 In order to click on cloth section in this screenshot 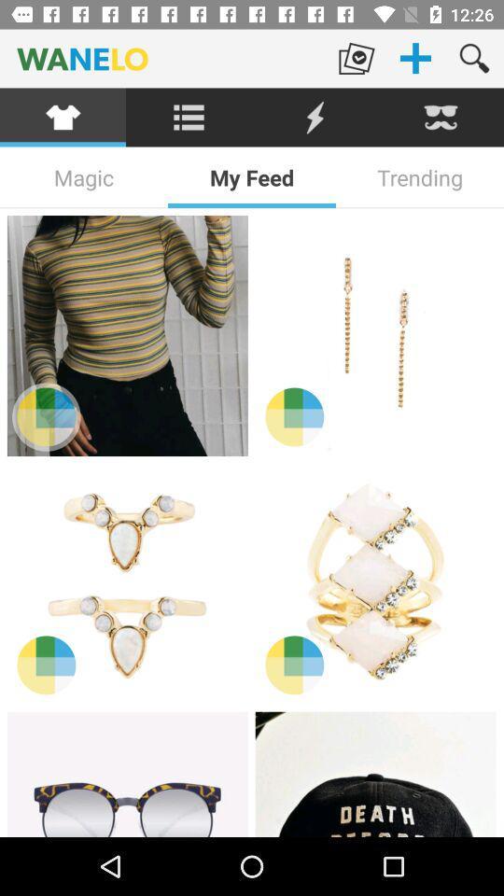, I will do `click(63, 117)`.